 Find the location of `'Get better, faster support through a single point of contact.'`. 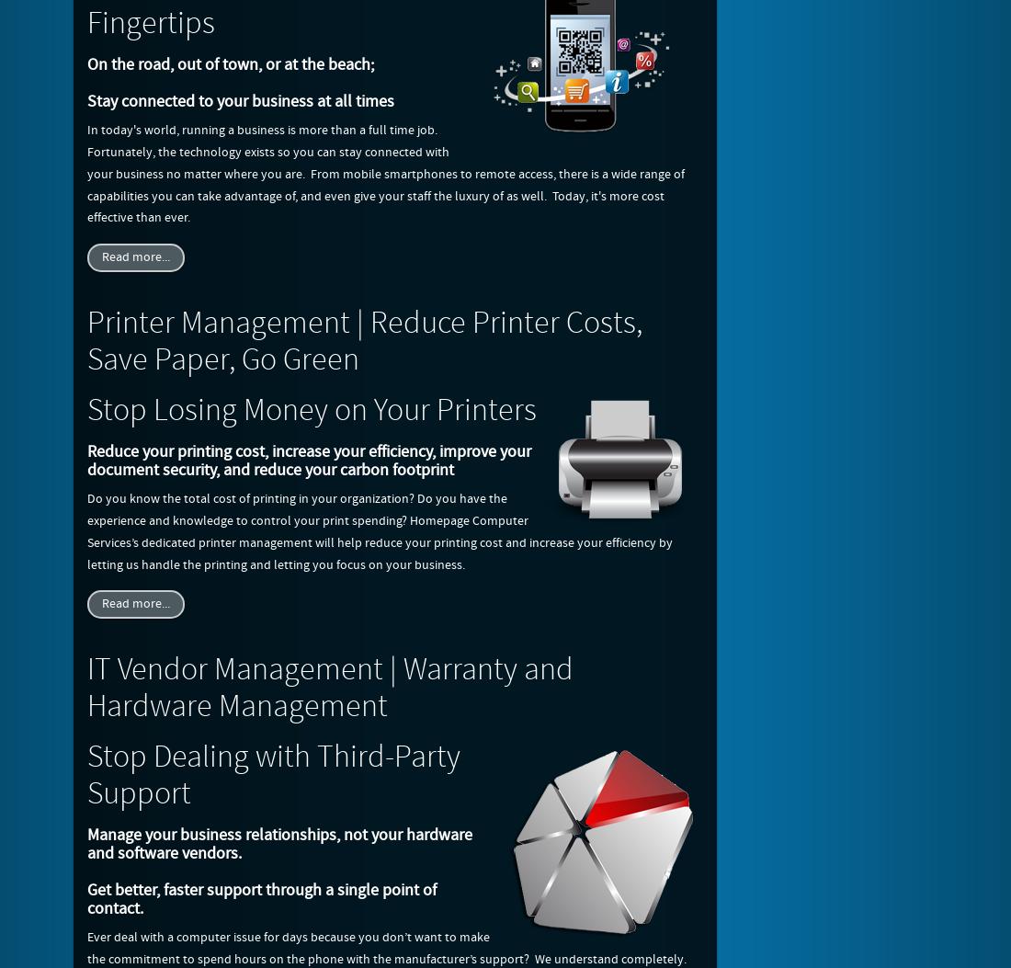

'Get better, faster support through a single point of contact.' is located at coordinates (261, 899).